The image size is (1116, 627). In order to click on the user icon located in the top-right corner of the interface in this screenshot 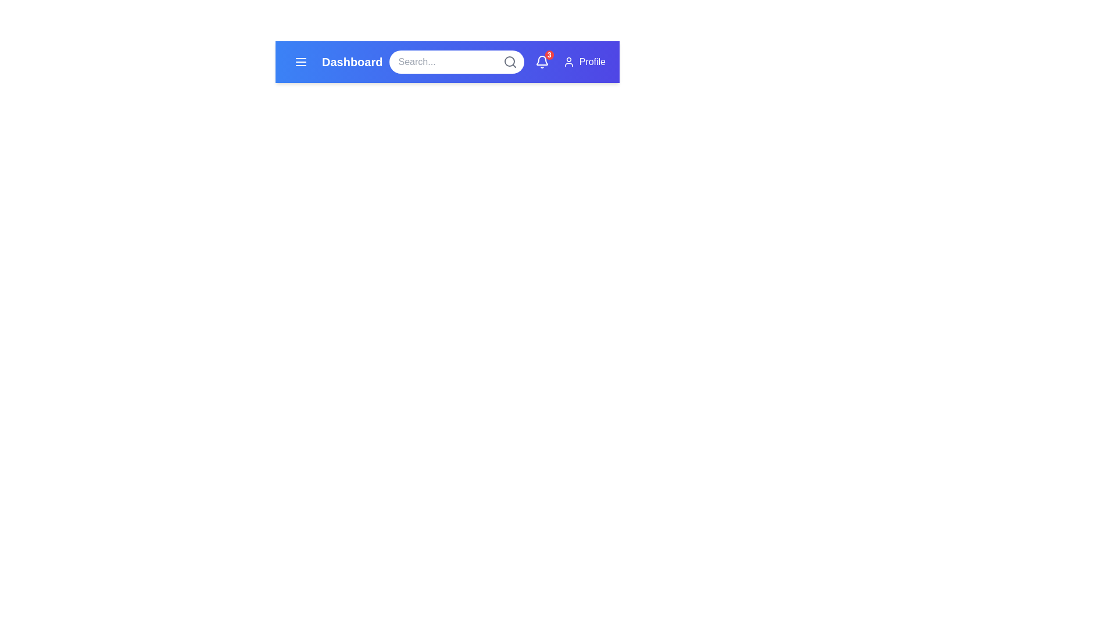, I will do `click(568, 62)`.